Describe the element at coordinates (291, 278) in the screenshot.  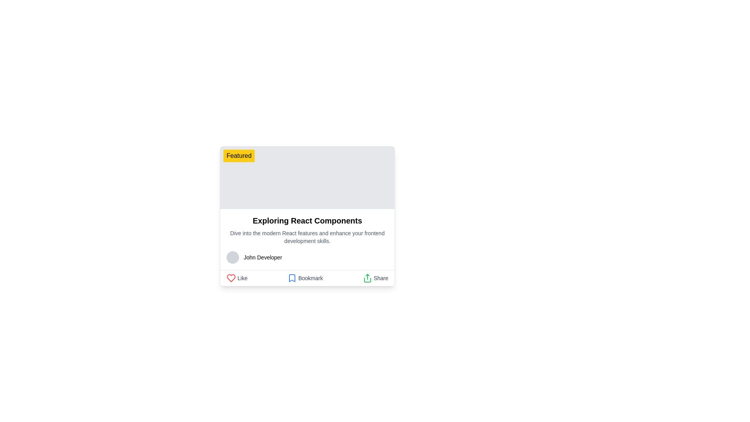
I see `the SVG bookmark icon` at that location.